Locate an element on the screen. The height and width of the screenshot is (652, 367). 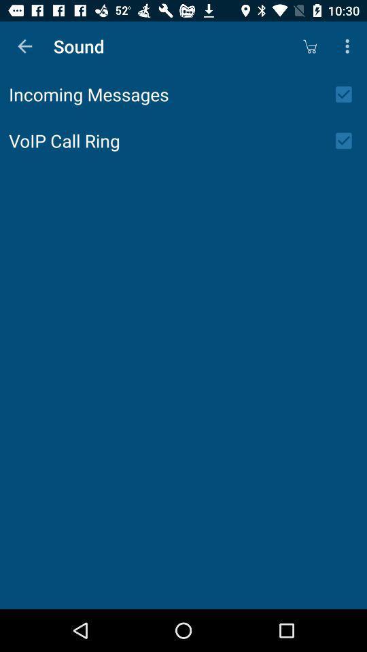
enable voip call ring option is located at coordinates (348, 141).